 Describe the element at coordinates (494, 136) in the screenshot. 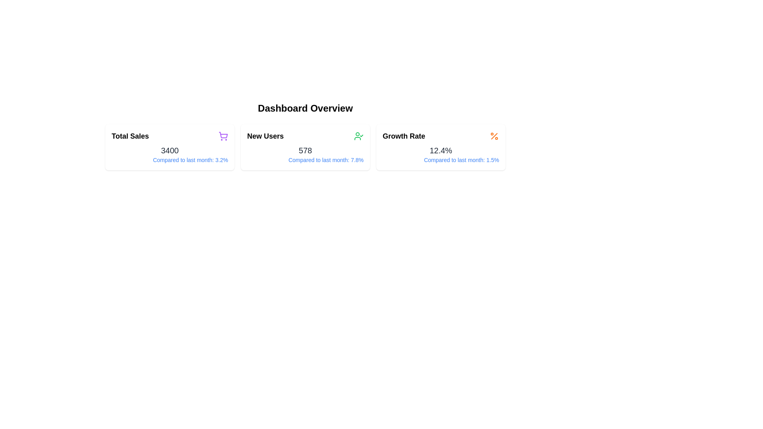

I see `the decorative diagonal line within the orange percentage icon in the 'Growth Rate' card located in the third column of the overview grid` at that location.